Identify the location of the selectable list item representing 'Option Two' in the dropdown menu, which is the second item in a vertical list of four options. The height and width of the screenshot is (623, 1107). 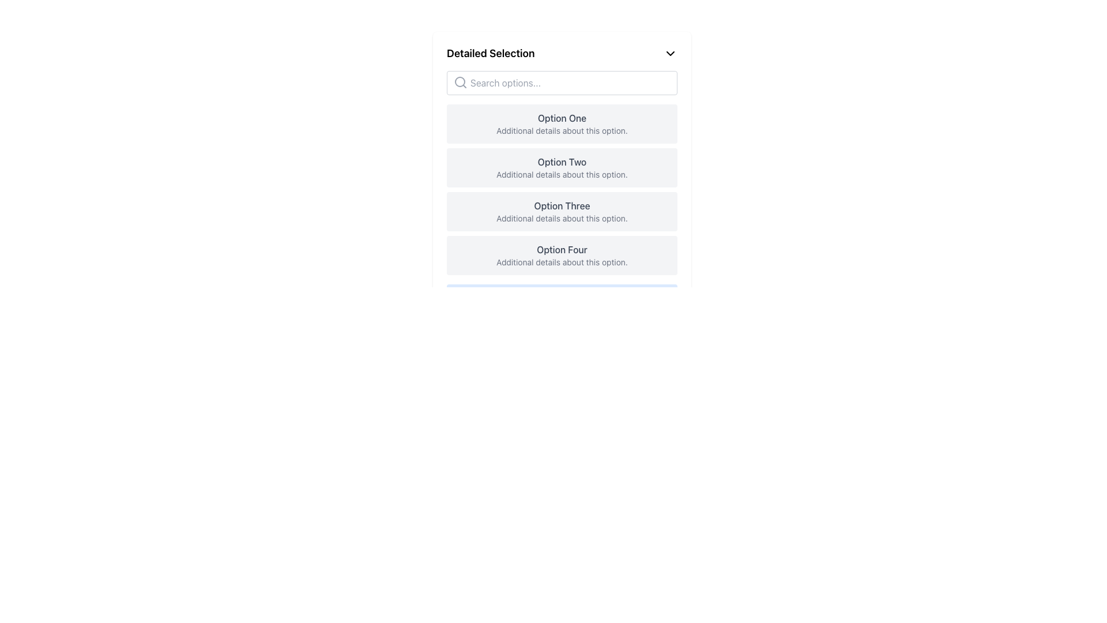
(562, 167).